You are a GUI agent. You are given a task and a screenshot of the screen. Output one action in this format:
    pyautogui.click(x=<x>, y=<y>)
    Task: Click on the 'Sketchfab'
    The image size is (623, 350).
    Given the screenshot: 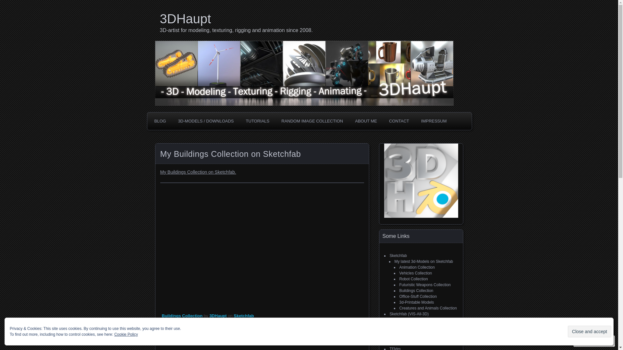 What is the action you would take?
    pyautogui.click(x=234, y=315)
    